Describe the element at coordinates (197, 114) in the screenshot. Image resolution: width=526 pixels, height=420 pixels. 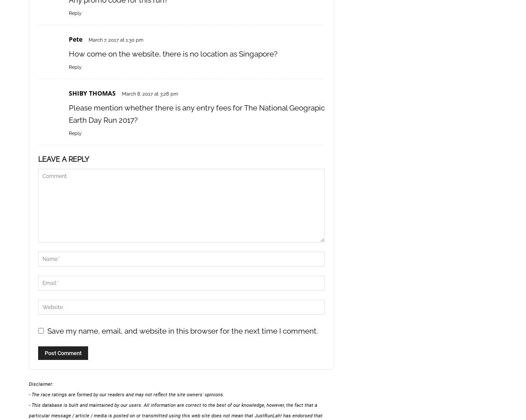
I see `'Please mention whether there is any entry fees  for The National Geograpic Earth Day Run 2017?'` at that location.